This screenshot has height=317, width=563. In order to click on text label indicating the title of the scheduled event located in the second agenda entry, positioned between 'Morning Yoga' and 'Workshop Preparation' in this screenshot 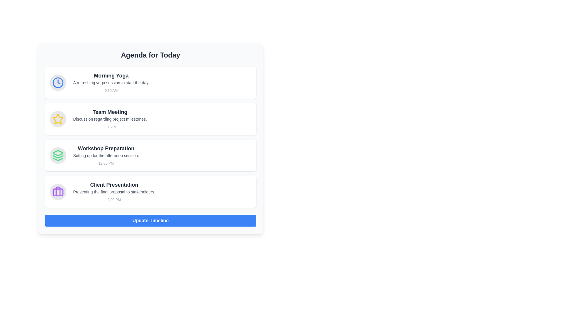, I will do `click(110, 112)`.